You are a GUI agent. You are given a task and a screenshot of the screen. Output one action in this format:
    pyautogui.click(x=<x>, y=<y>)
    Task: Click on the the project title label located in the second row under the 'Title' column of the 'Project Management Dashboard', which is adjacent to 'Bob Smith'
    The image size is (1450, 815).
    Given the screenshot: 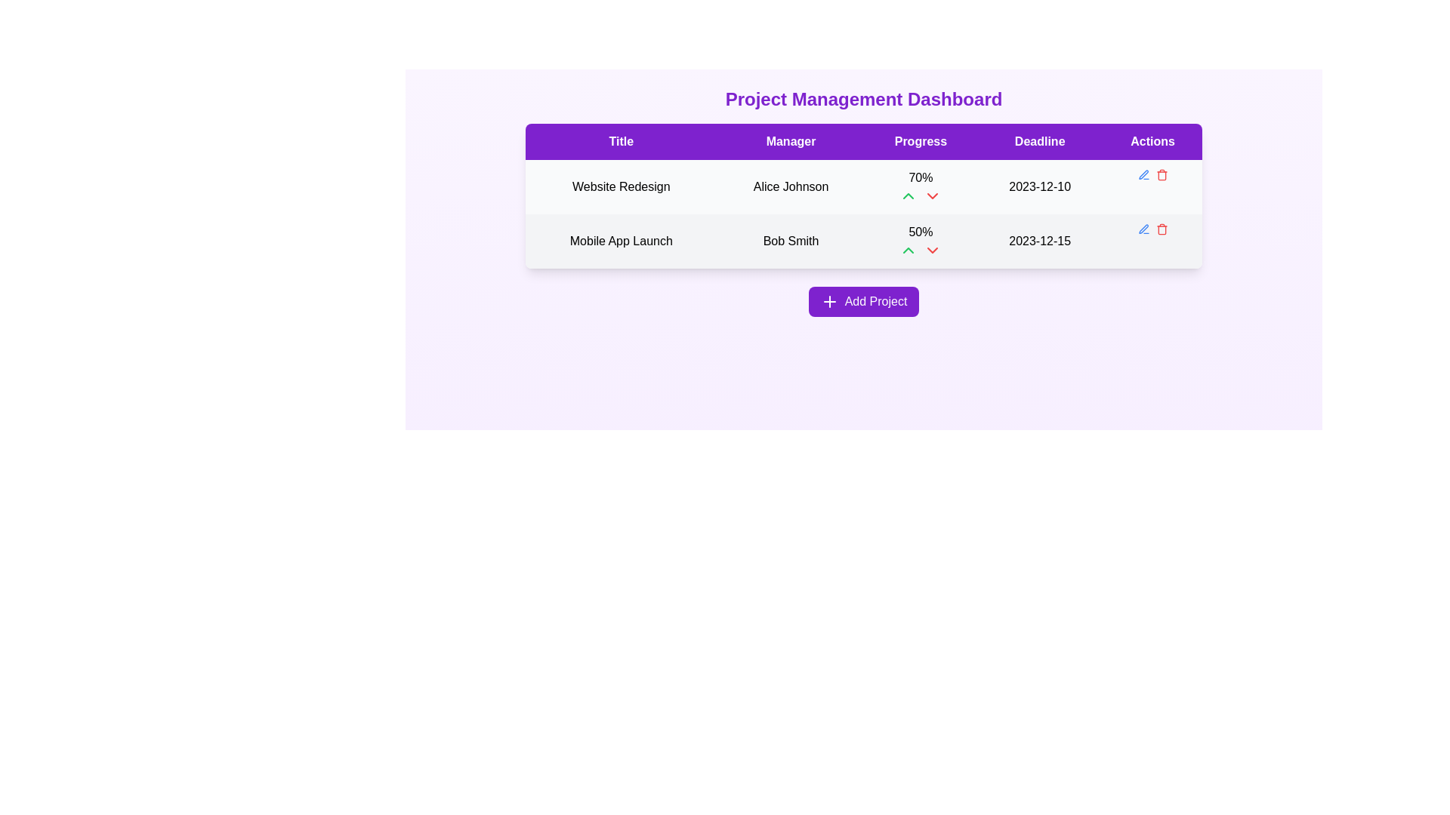 What is the action you would take?
    pyautogui.click(x=621, y=241)
    